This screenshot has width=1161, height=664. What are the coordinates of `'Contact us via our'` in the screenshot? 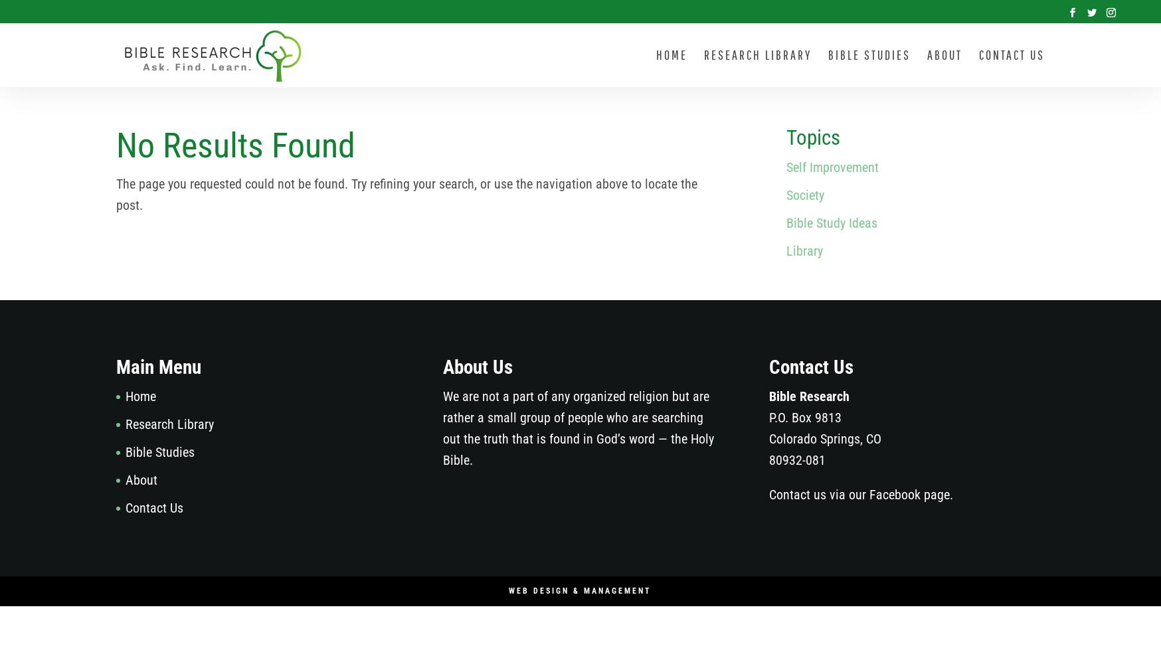 It's located at (818, 493).